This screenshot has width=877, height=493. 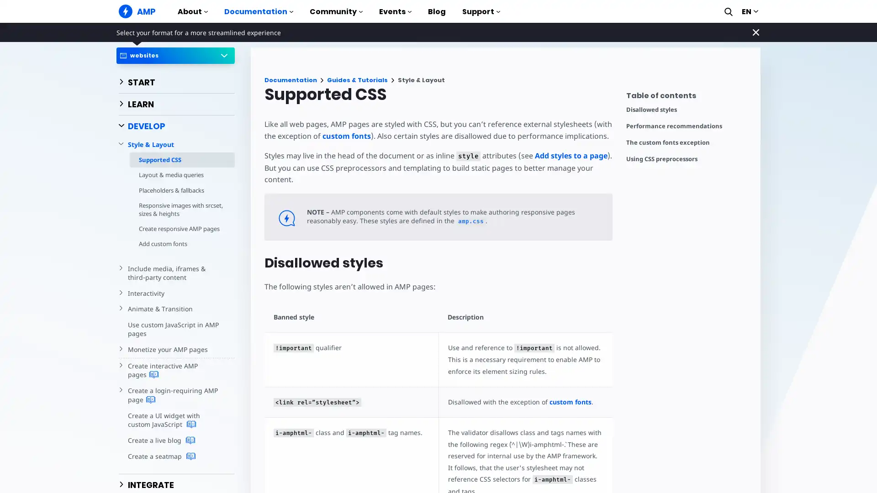 What do you see at coordinates (175, 55) in the screenshot?
I see `websites` at bounding box center [175, 55].